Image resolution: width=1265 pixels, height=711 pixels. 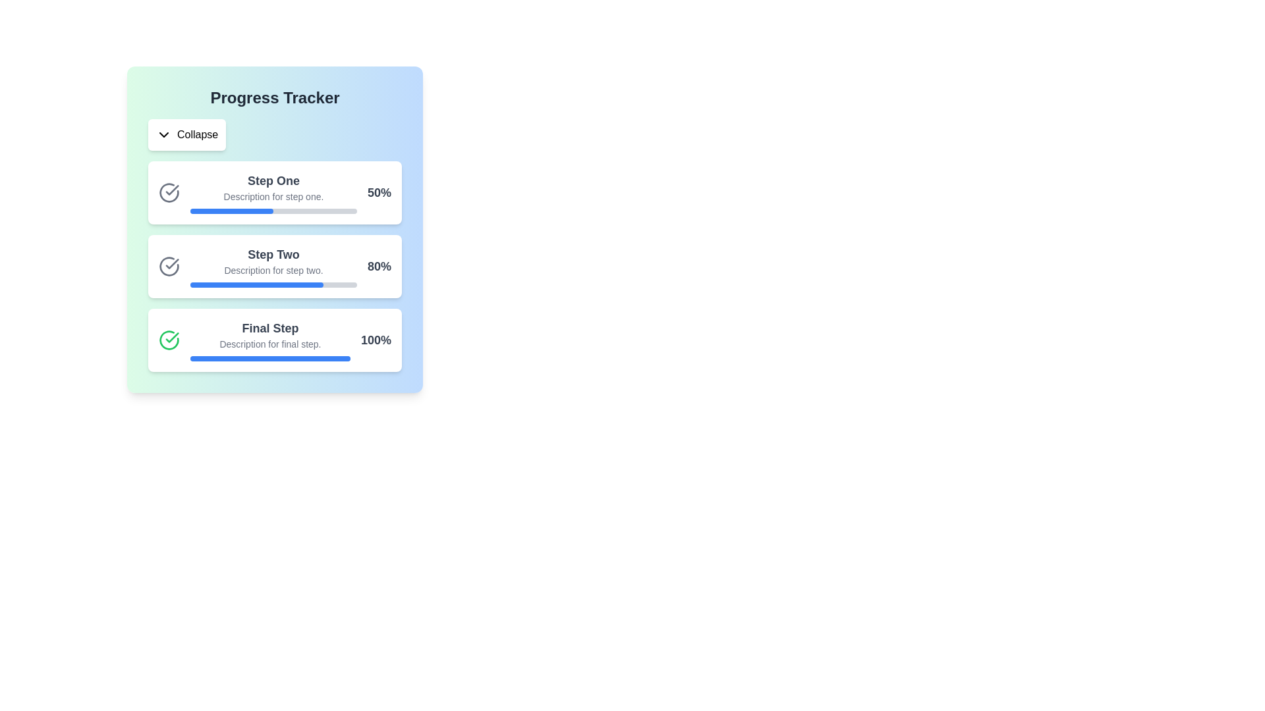 I want to click on the circular graphical component of the progress indicator located next to the 'Step Two' label, so click(x=169, y=193).